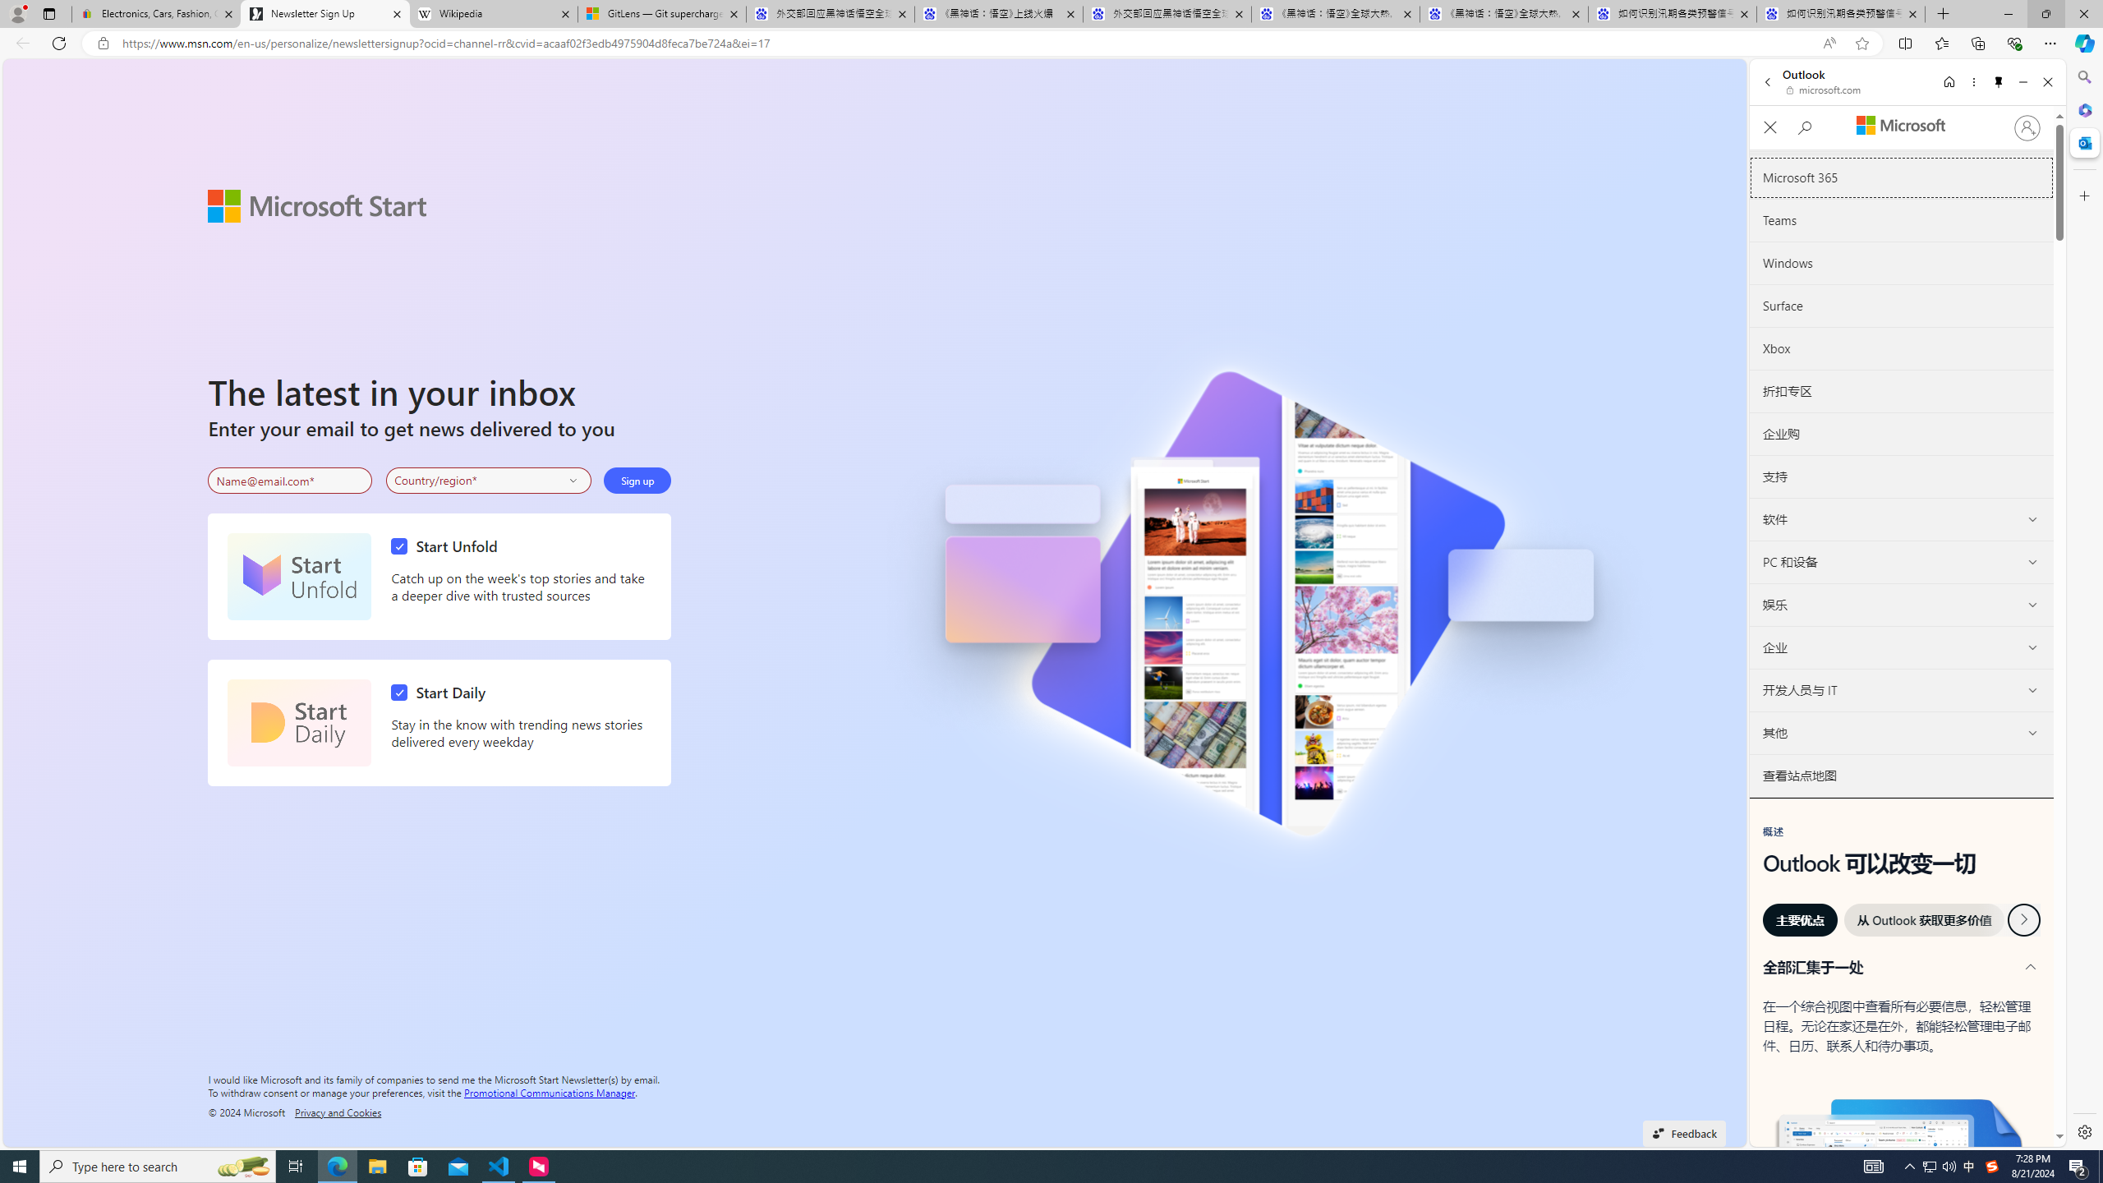  What do you see at coordinates (338, 1111) in the screenshot?
I see `'Privacy and Cookies'` at bounding box center [338, 1111].